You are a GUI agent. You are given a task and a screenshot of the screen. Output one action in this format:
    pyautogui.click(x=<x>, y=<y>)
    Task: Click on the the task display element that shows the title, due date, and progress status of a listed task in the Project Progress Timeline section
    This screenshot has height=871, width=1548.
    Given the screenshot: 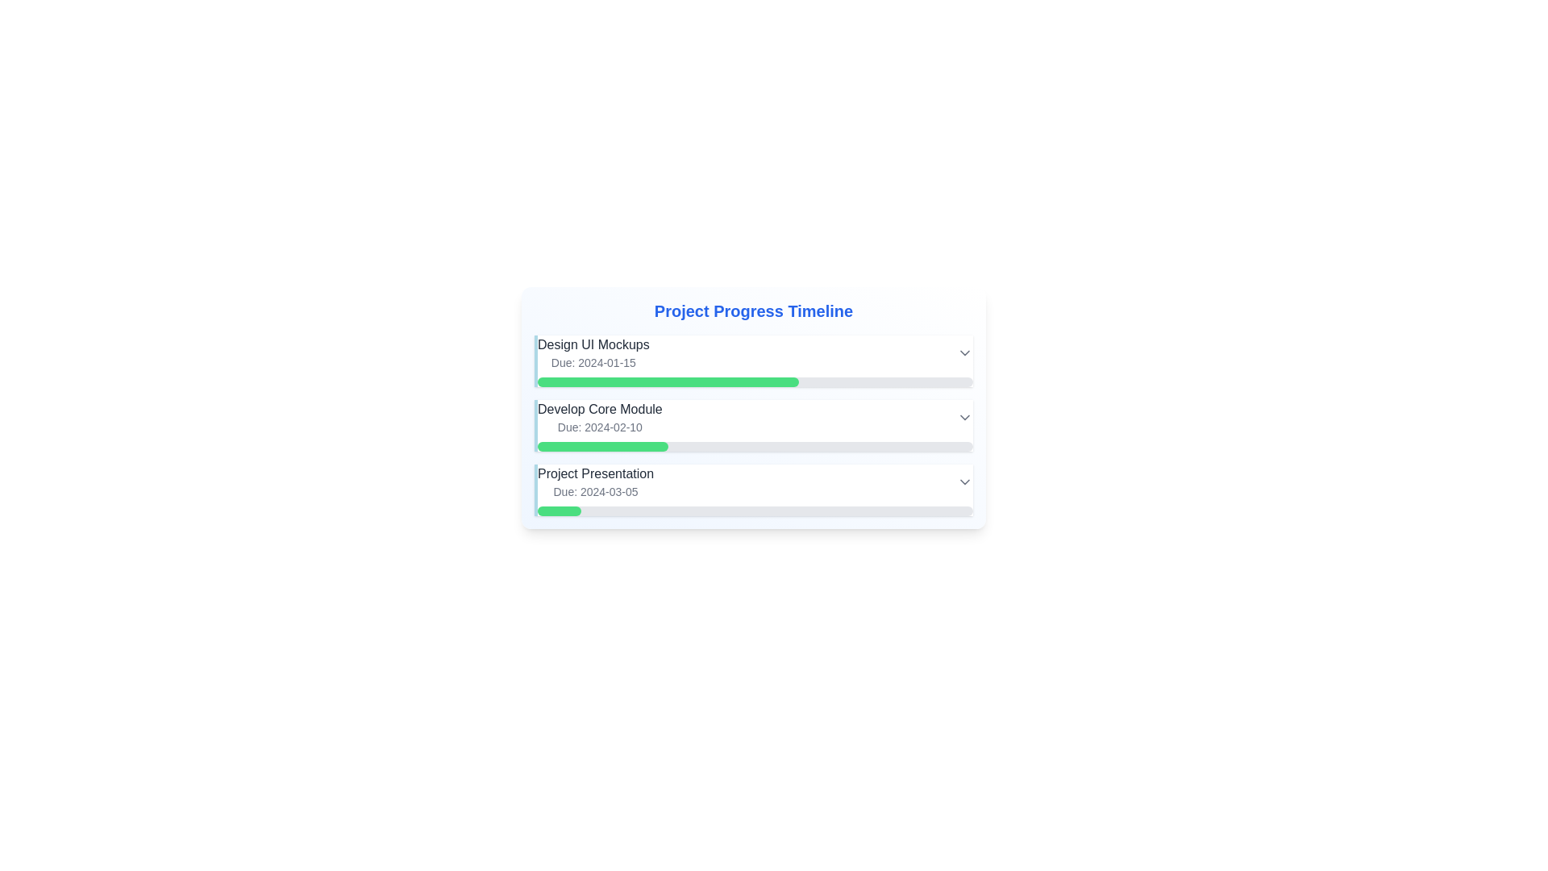 What is the action you would take?
    pyautogui.click(x=753, y=420)
    